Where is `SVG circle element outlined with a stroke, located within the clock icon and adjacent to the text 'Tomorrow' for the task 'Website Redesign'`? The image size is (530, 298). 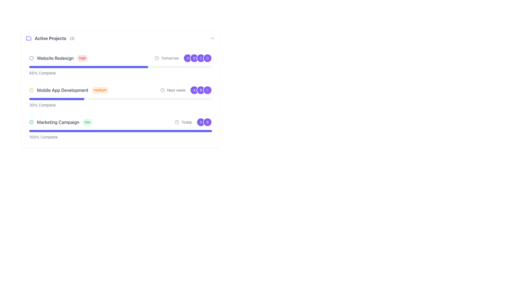 SVG circle element outlined with a stroke, located within the clock icon and adjacent to the text 'Tomorrow' for the task 'Website Redesign' is located at coordinates (156, 58).